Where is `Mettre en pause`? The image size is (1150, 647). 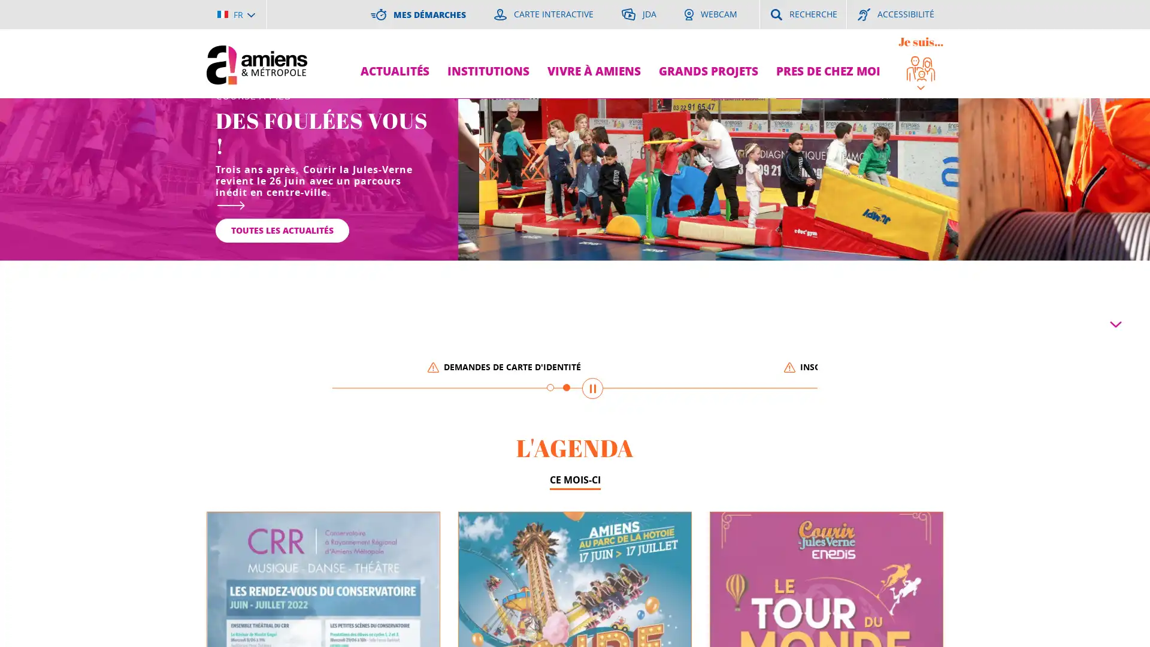 Mettre en pause is located at coordinates (429, 292).